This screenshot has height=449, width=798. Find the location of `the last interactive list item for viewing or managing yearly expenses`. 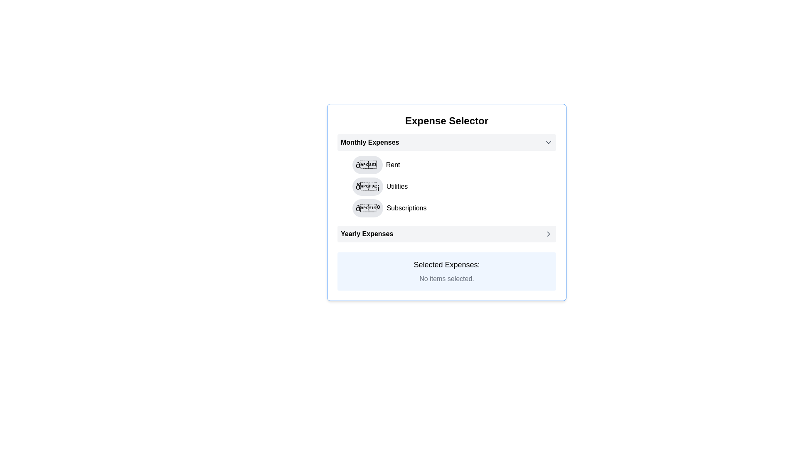

the last interactive list item for viewing or managing yearly expenses is located at coordinates (446, 234).